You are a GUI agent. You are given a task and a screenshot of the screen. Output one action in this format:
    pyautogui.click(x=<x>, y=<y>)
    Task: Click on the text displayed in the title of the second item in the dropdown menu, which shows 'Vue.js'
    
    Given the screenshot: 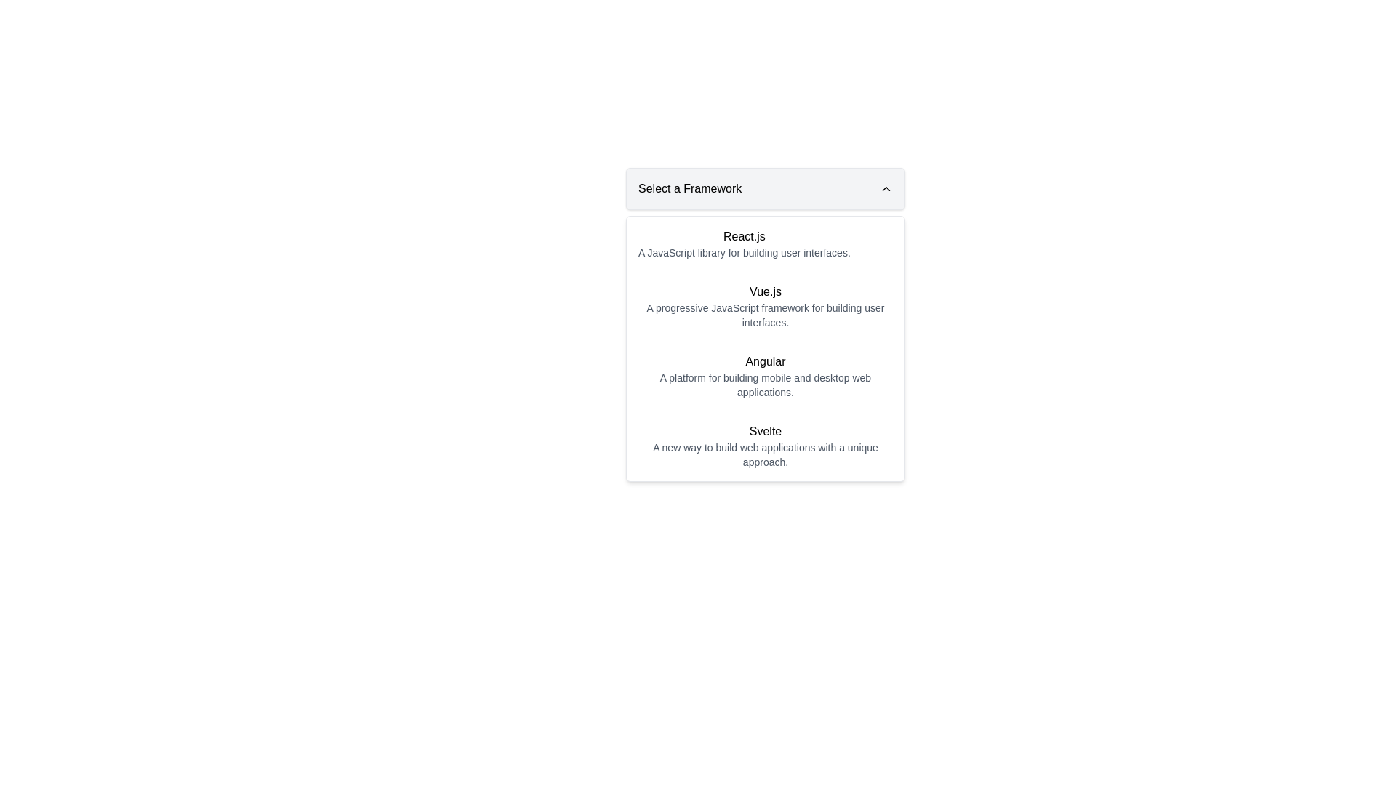 What is the action you would take?
    pyautogui.click(x=764, y=291)
    